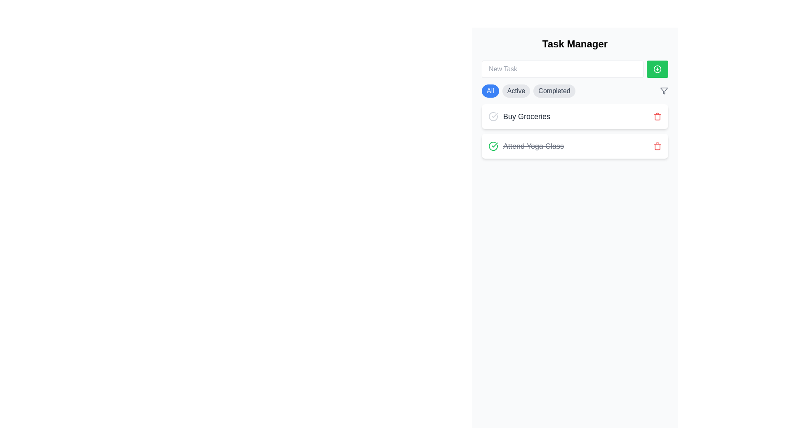  What do you see at coordinates (493, 145) in the screenshot?
I see `the circular completion indicator of the checkmark icon located in the second row of the task list, adjacent to the 'Attend Yoga Class' text entry via keyboard navigation` at bounding box center [493, 145].